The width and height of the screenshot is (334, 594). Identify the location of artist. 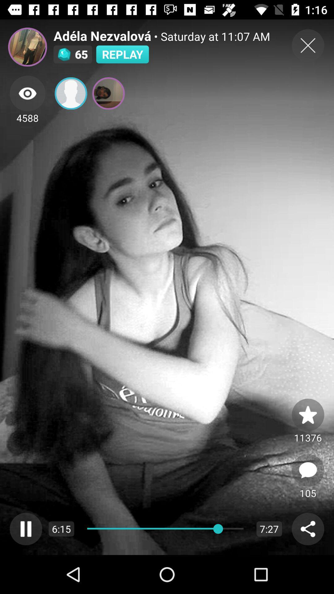
(27, 47).